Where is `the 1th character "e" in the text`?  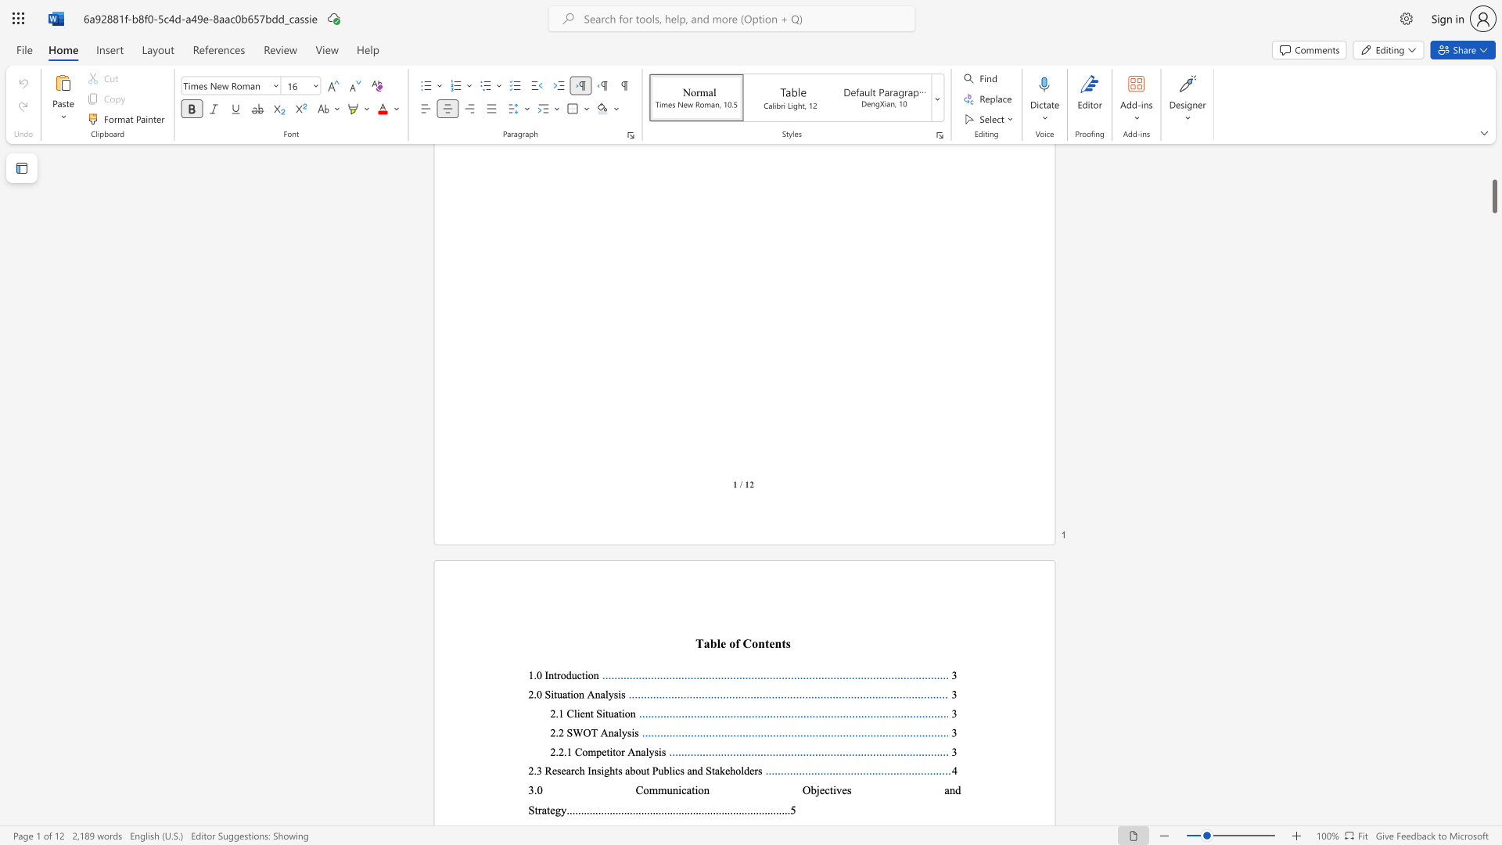 the 1th character "e" in the text is located at coordinates (722, 643).